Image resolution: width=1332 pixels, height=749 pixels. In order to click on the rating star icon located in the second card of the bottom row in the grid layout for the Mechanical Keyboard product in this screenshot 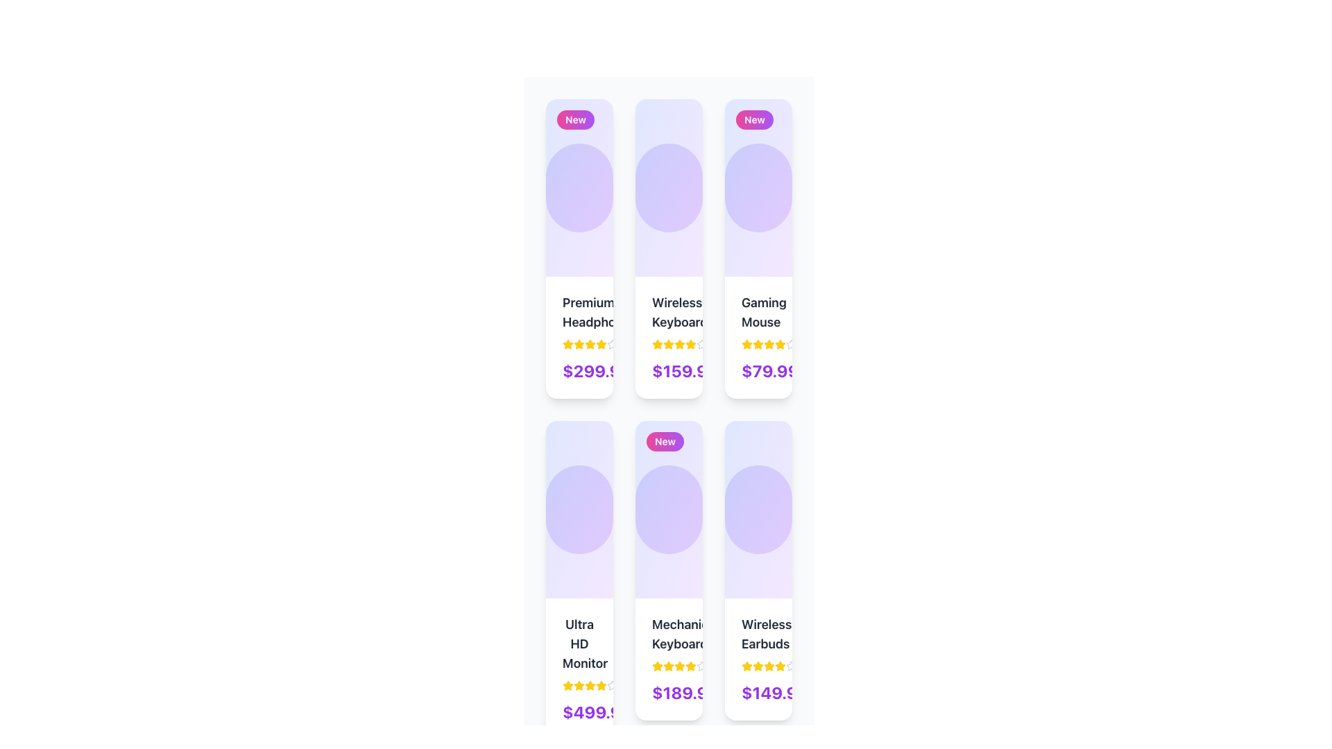, I will do `click(669, 665)`.